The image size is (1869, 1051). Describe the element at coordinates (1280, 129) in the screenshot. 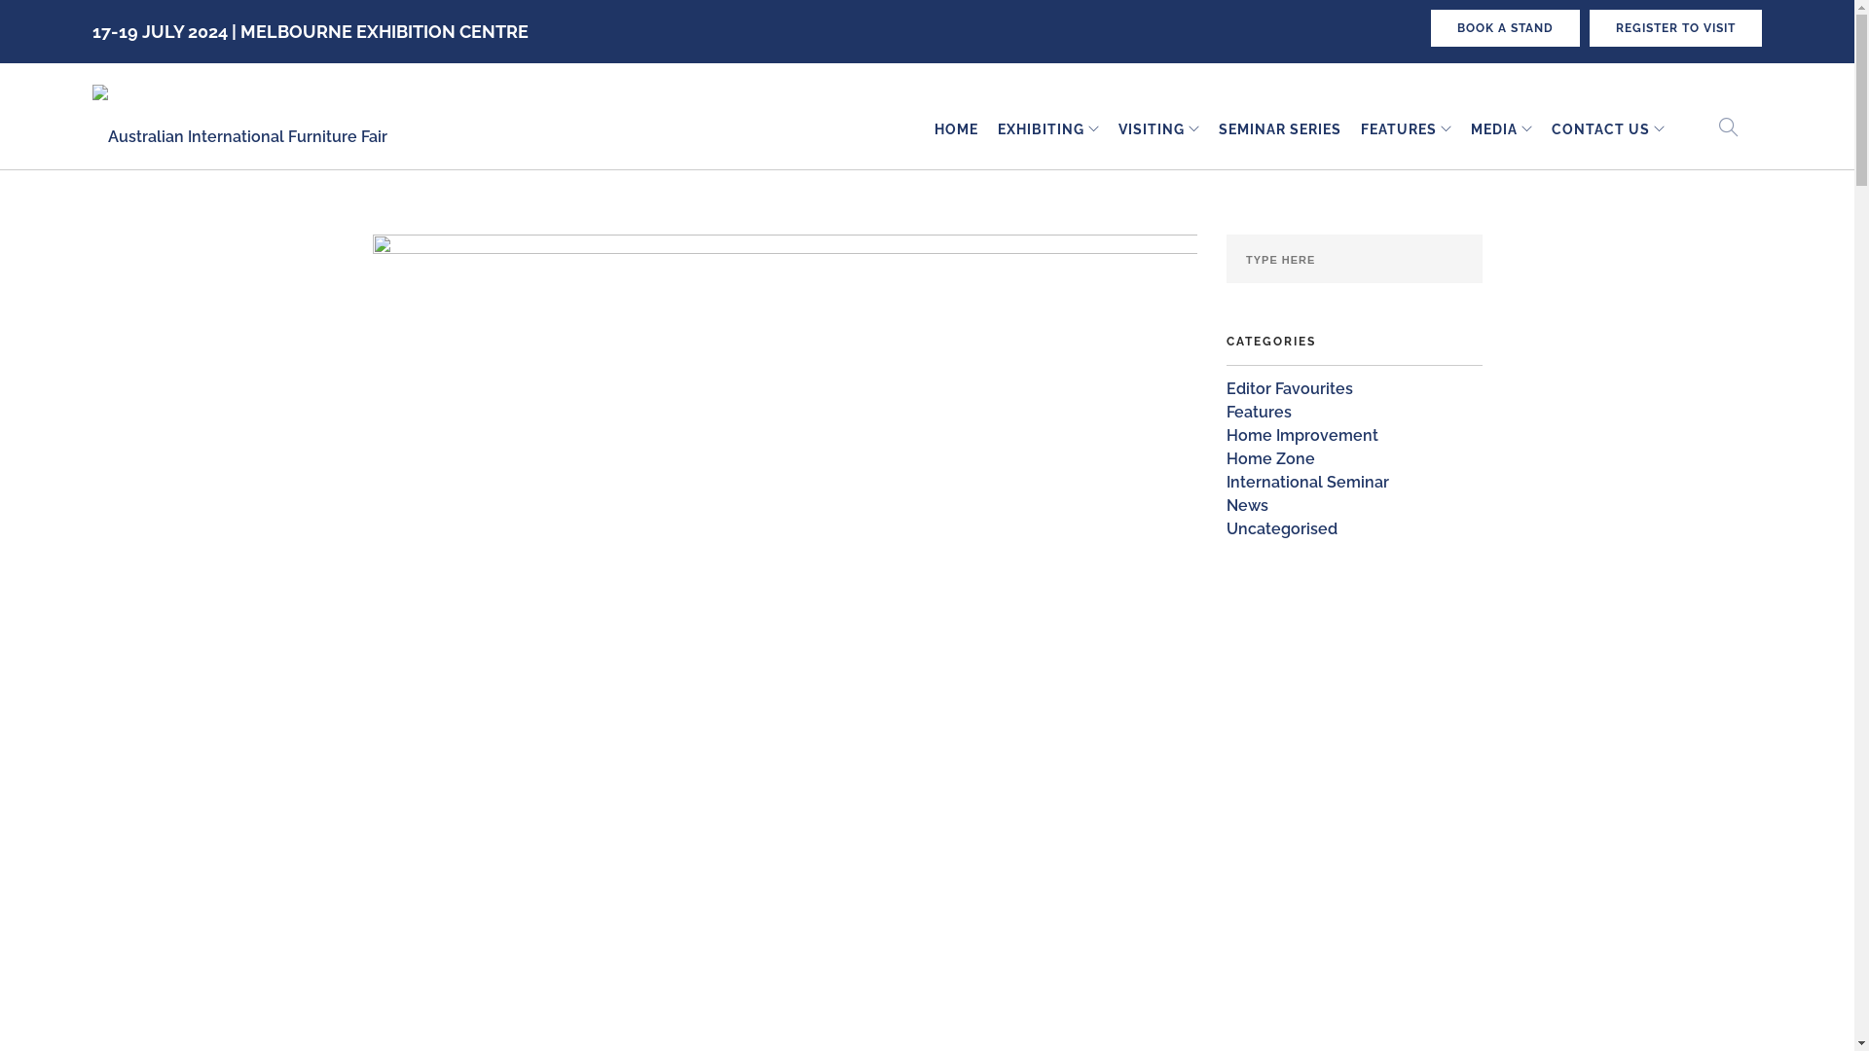

I see `'SEMINAR SERIES'` at that location.